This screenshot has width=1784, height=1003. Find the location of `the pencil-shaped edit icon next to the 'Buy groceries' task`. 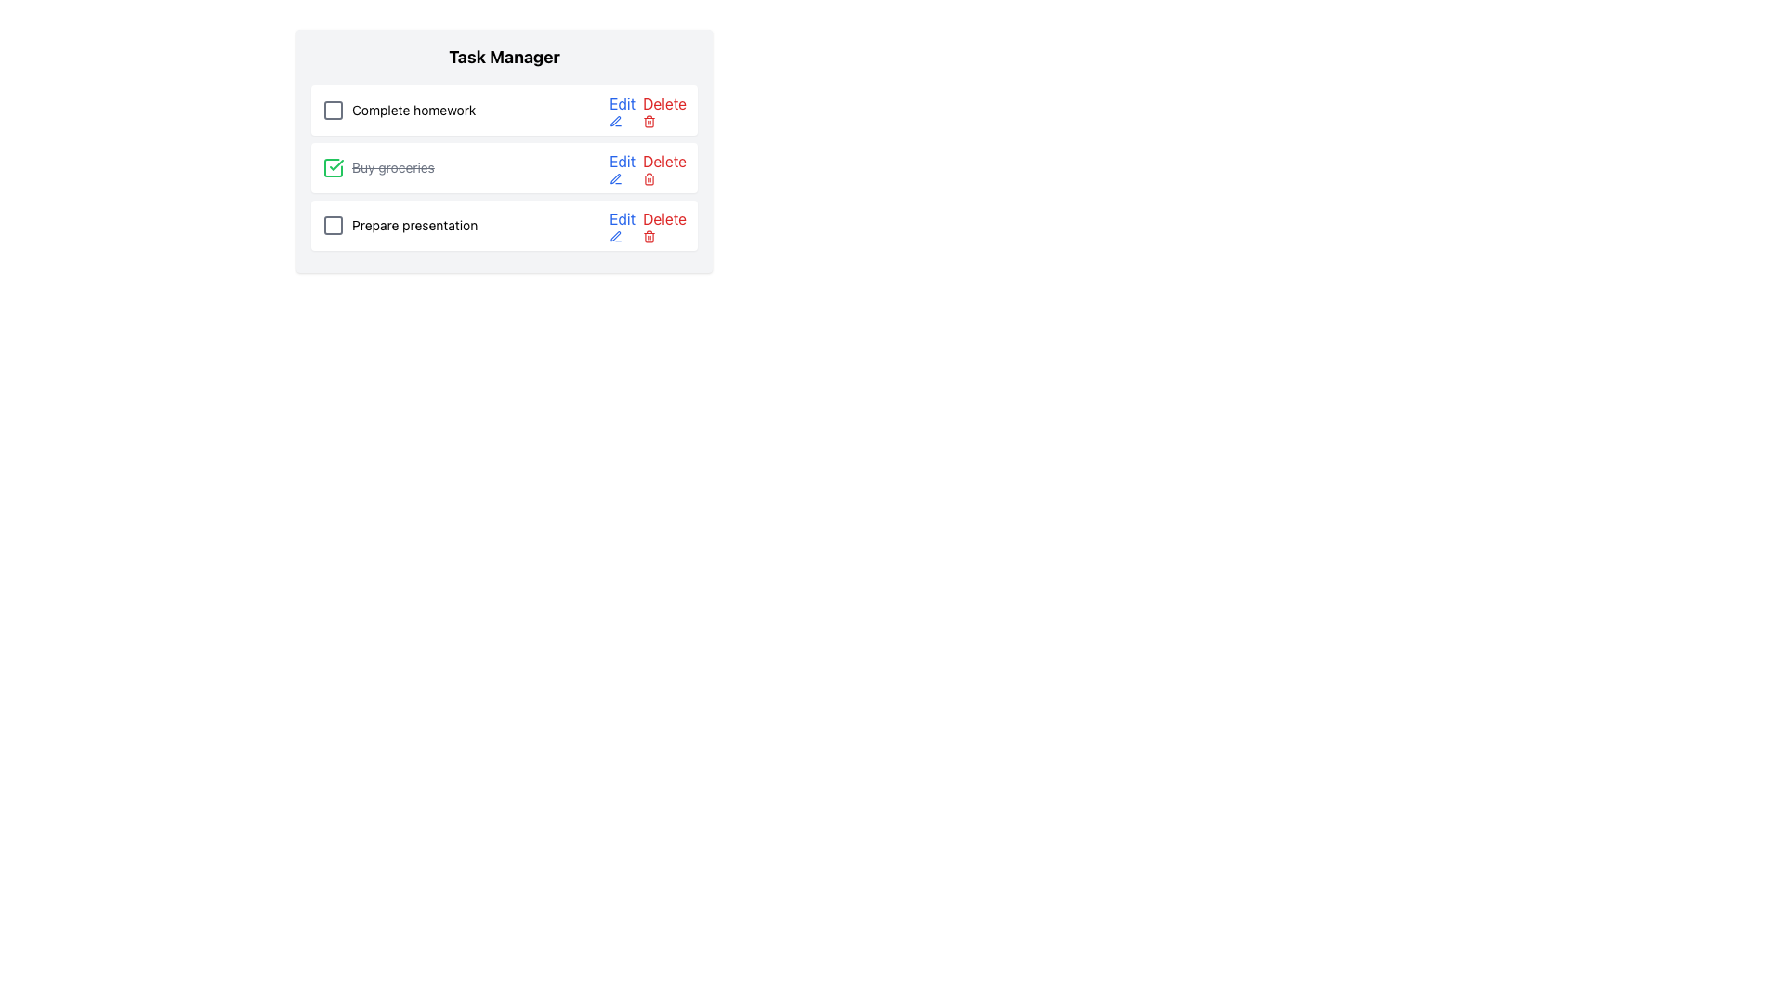

the pencil-shaped edit icon next to the 'Buy groceries' task is located at coordinates (615, 178).